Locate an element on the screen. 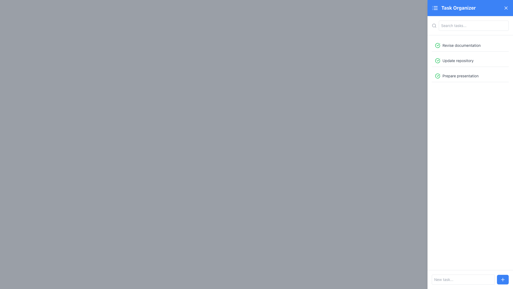 The width and height of the screenshot is (513, 289). the green circular icon button with a checkmark inside, located to the left of the 'Prepare presentation' text is located at coordinates (437, 76).